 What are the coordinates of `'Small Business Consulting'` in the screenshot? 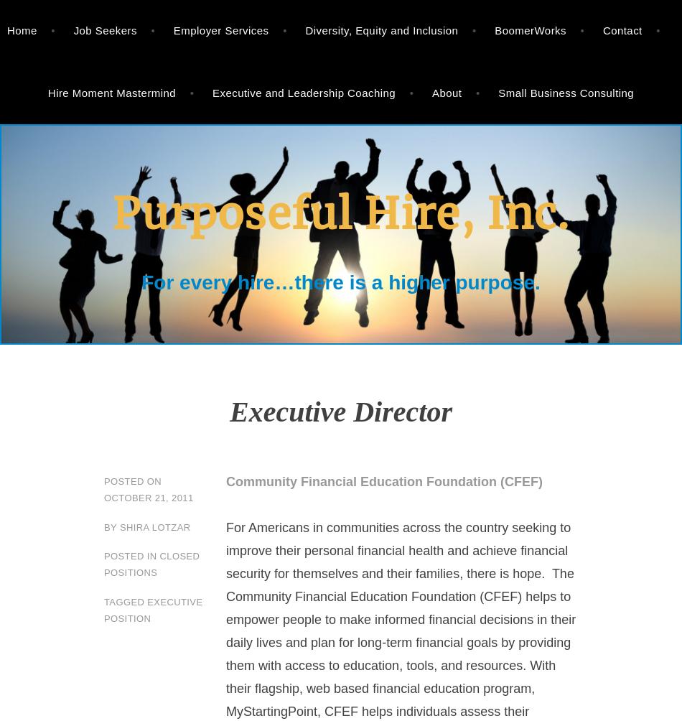 It's located at (565, 91).